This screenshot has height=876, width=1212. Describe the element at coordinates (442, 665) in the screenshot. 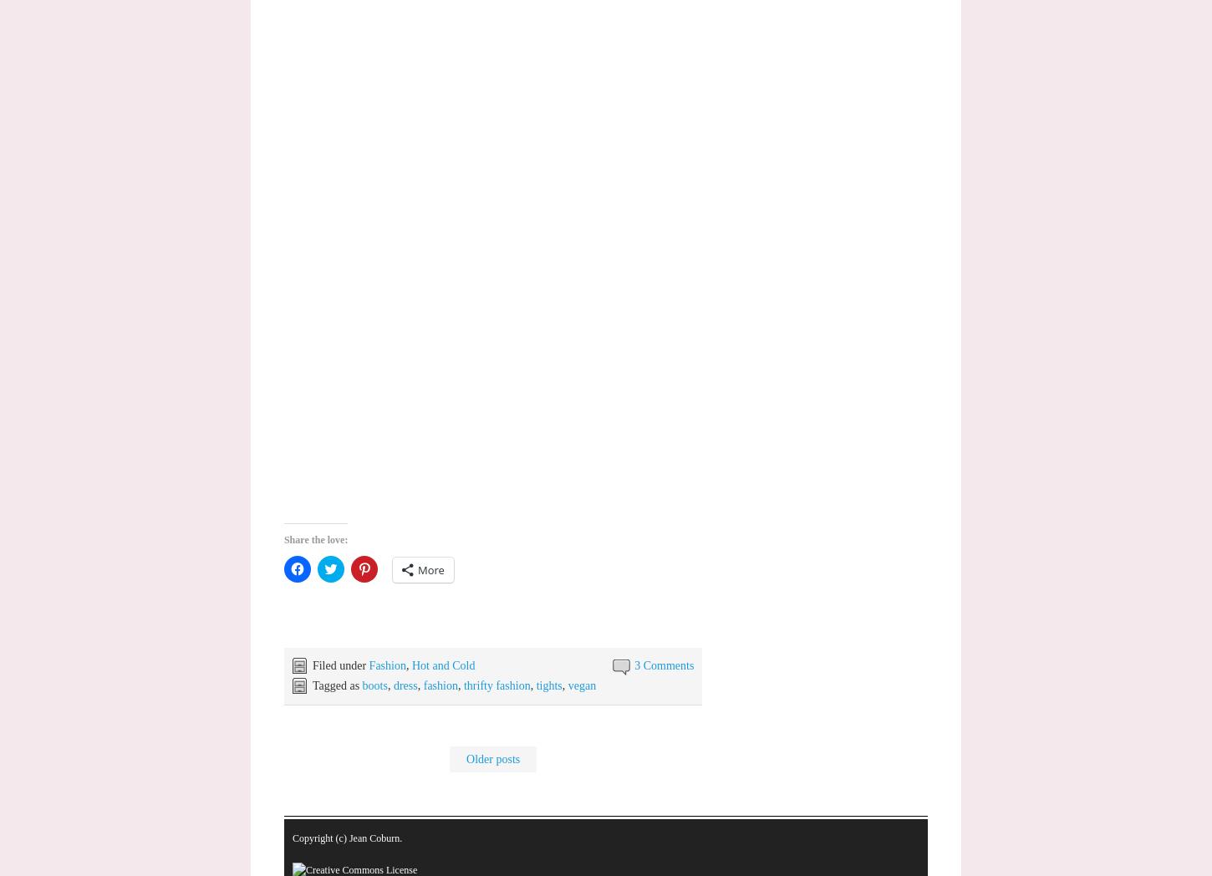

I see `'Hot and Cold'` at that location.